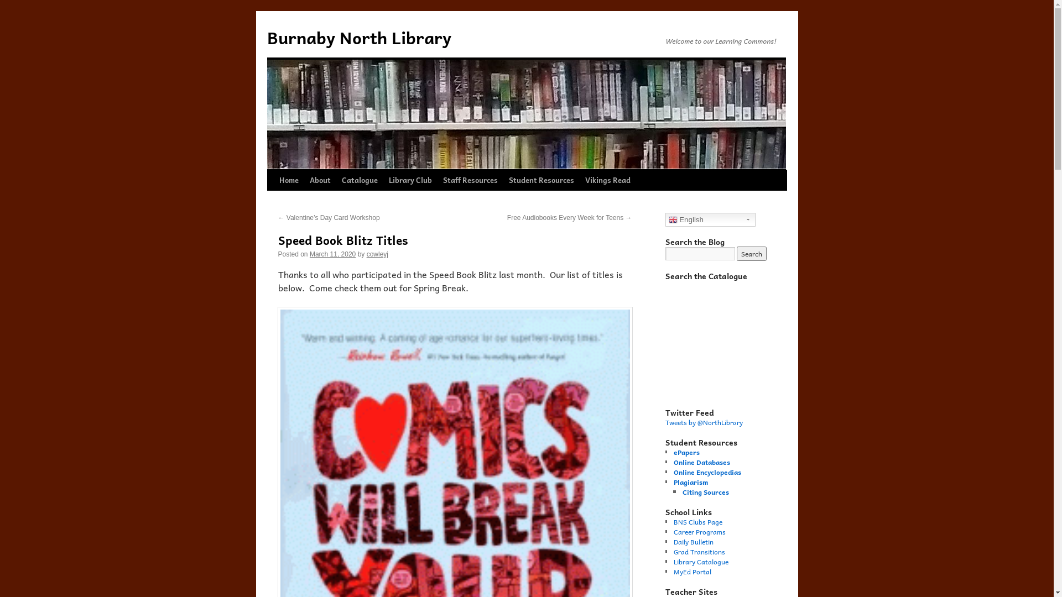  I want to click on 'March 11, 2020', so click(310, 254).